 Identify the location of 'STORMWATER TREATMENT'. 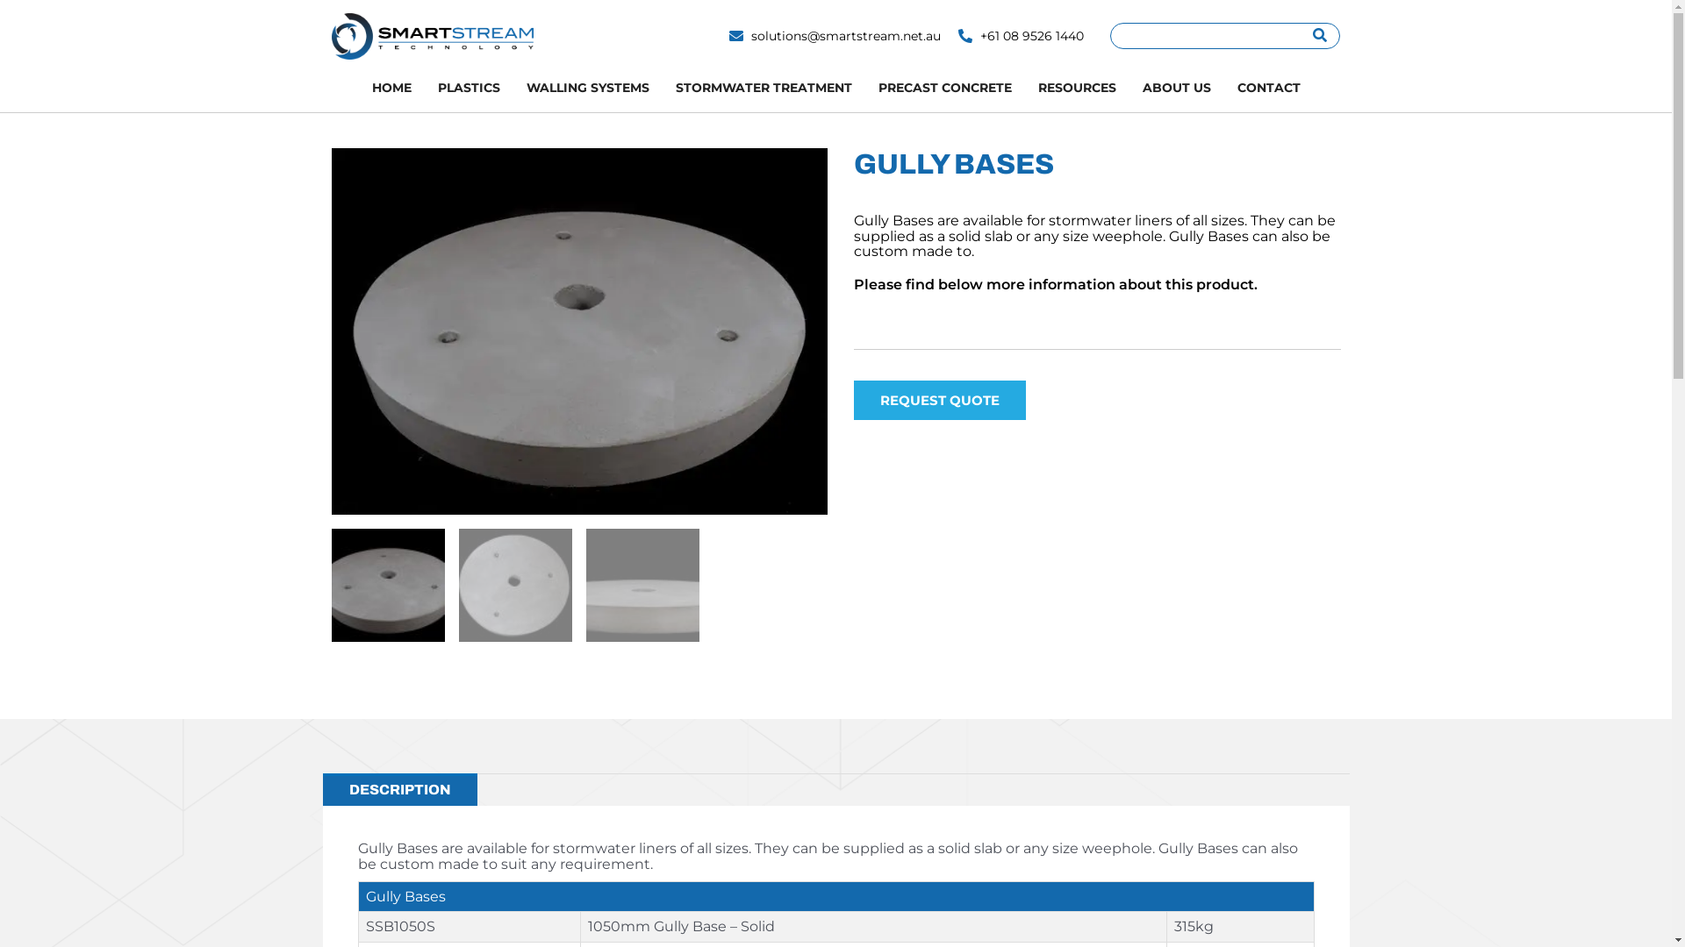
(763, 88).